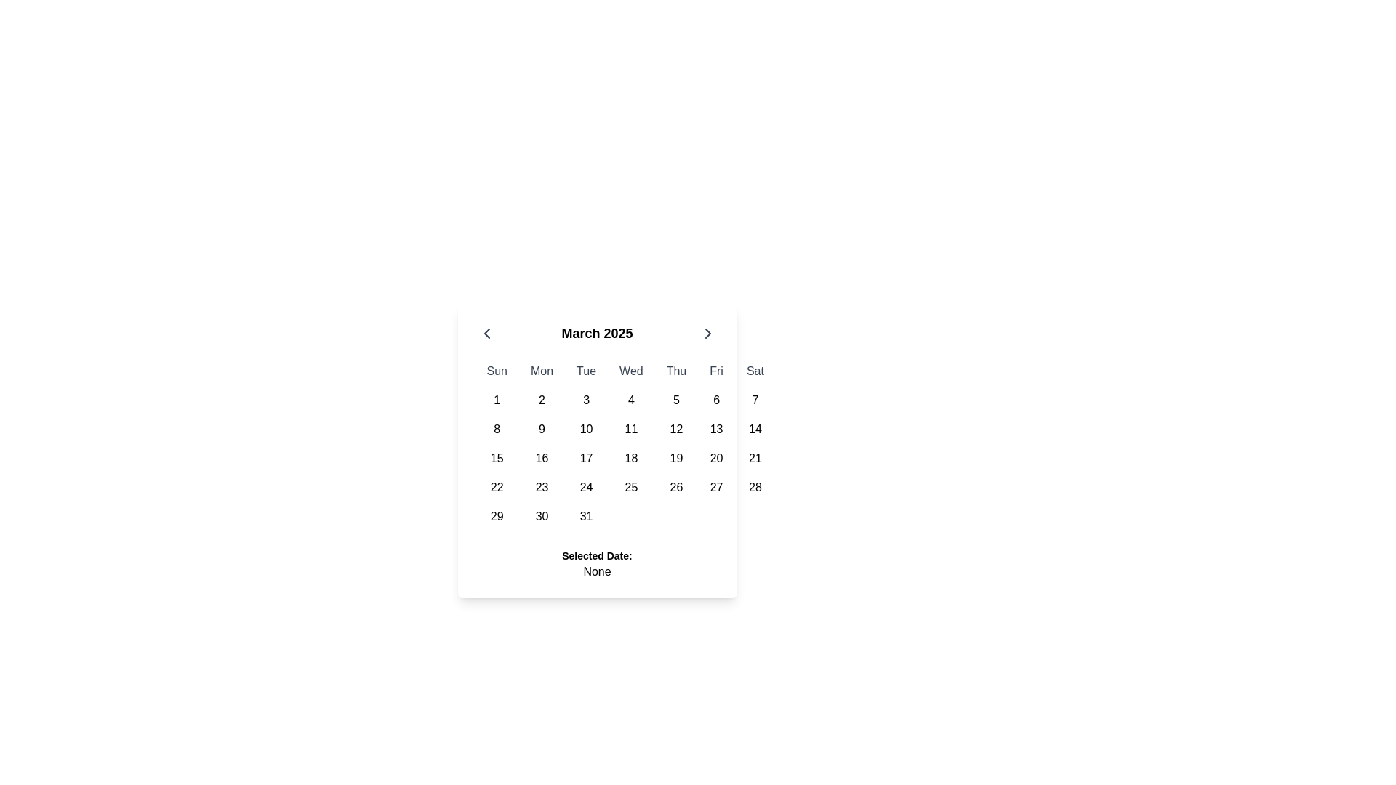 This screenshot has width=1396, height=785. What do you see at coordinates (586, 515) in the screenshot?
I see `the button-like selectable date element labeled '31'` at bounding box center [586, 515].